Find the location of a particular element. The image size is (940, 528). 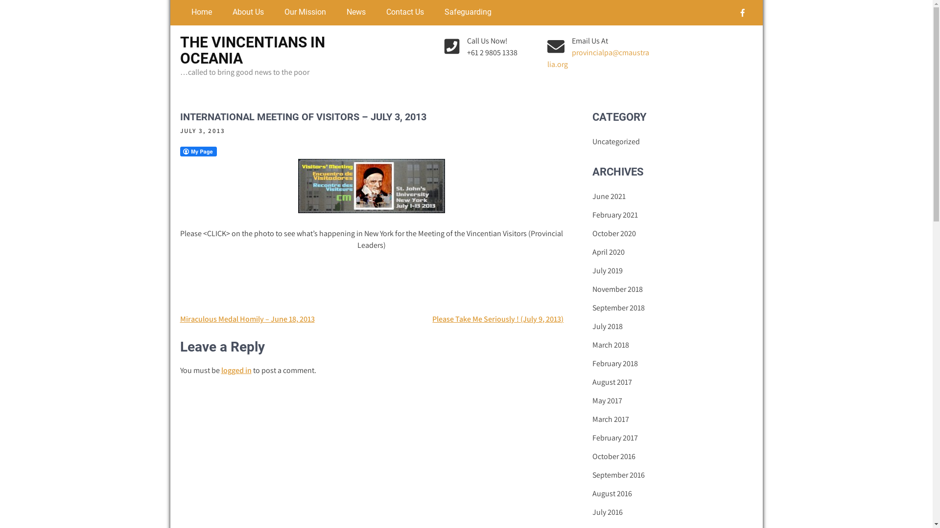

'Safeguarding' is located at coordinates (465, 12).